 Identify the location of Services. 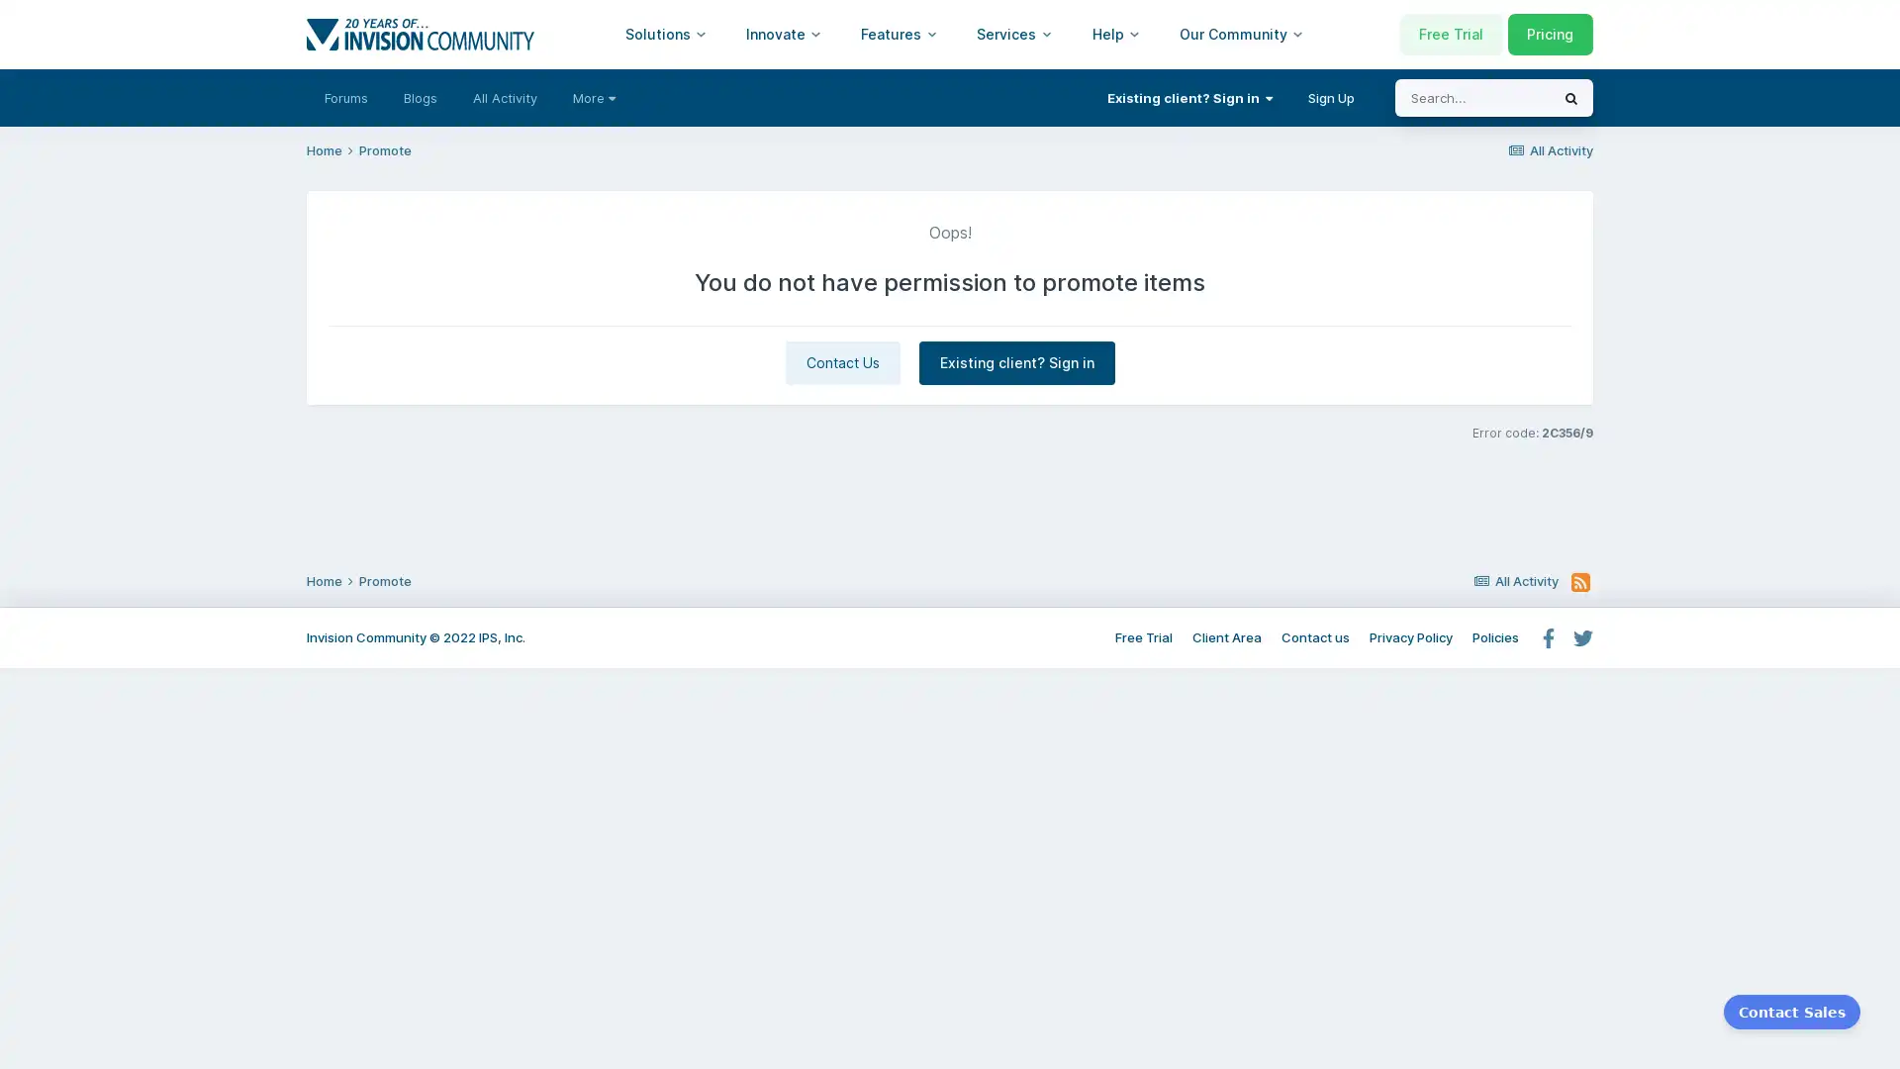
(1014, 34).